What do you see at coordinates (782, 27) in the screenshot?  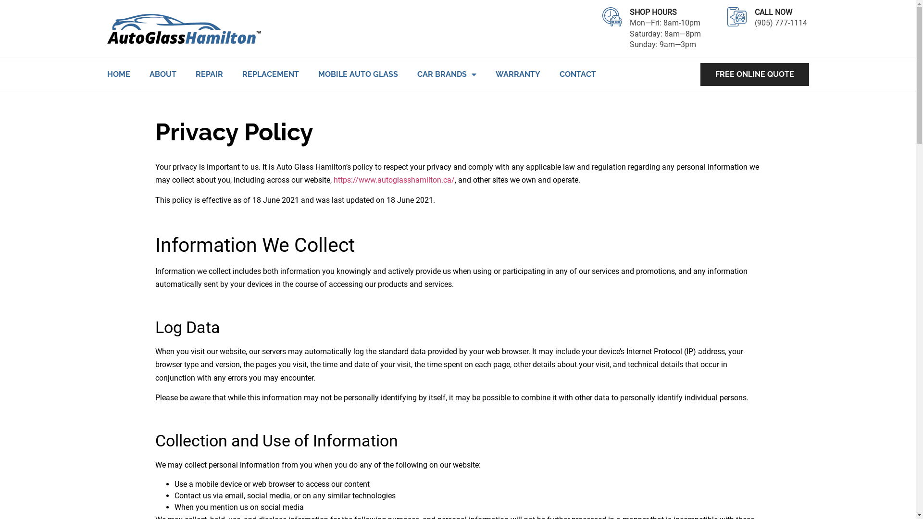 I see `'(905) 777-1114'` at bounding box center [782, 27].